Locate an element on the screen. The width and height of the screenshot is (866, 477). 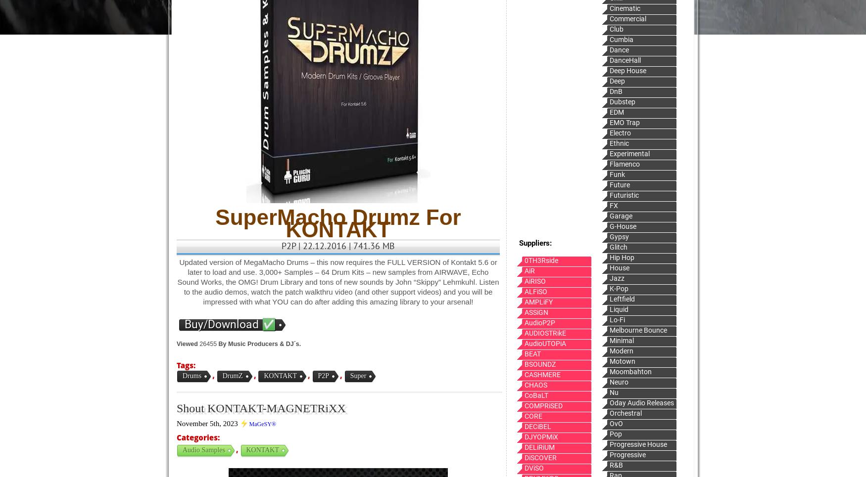
'Viewed' is located at coordinates (187, 343).